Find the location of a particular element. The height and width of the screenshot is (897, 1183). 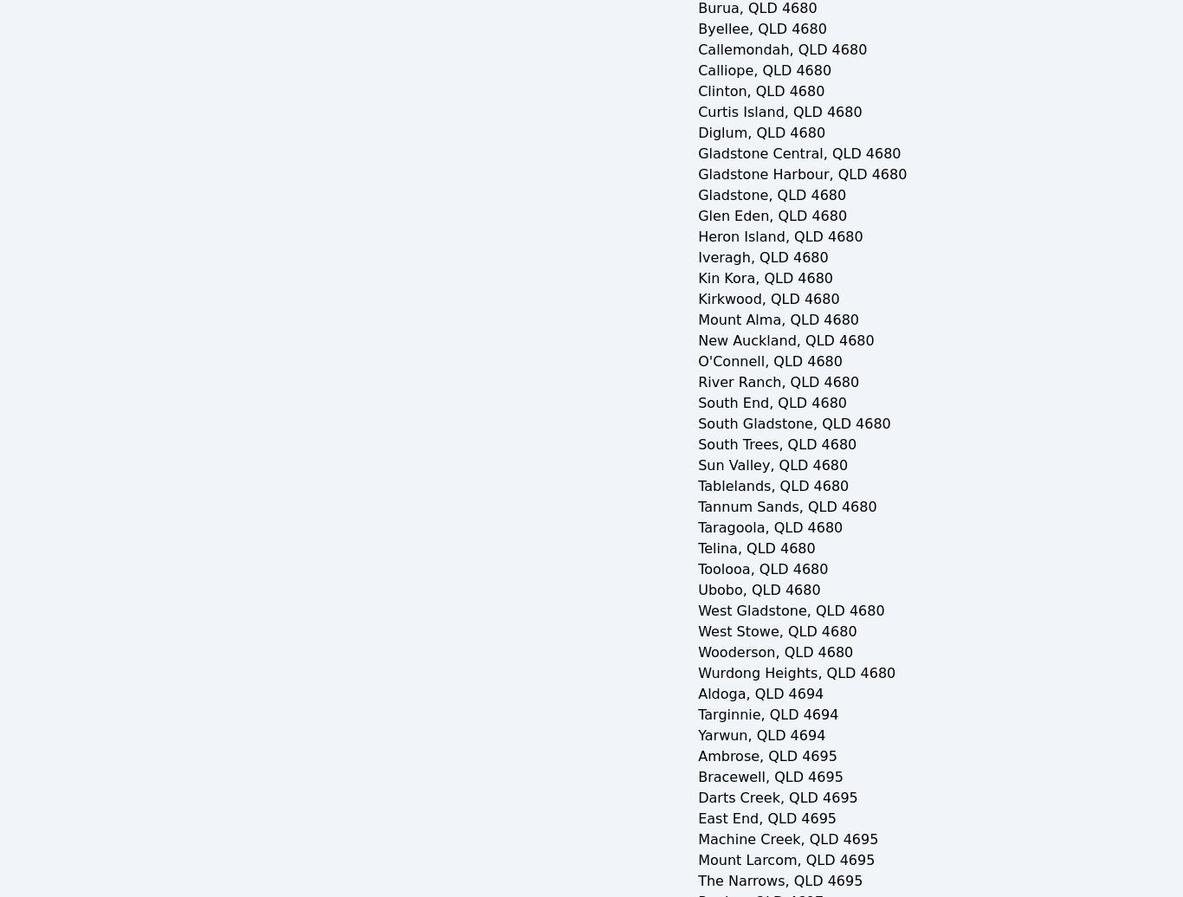

'Telina, QLD 4680' is located at coordinates (696, 547).